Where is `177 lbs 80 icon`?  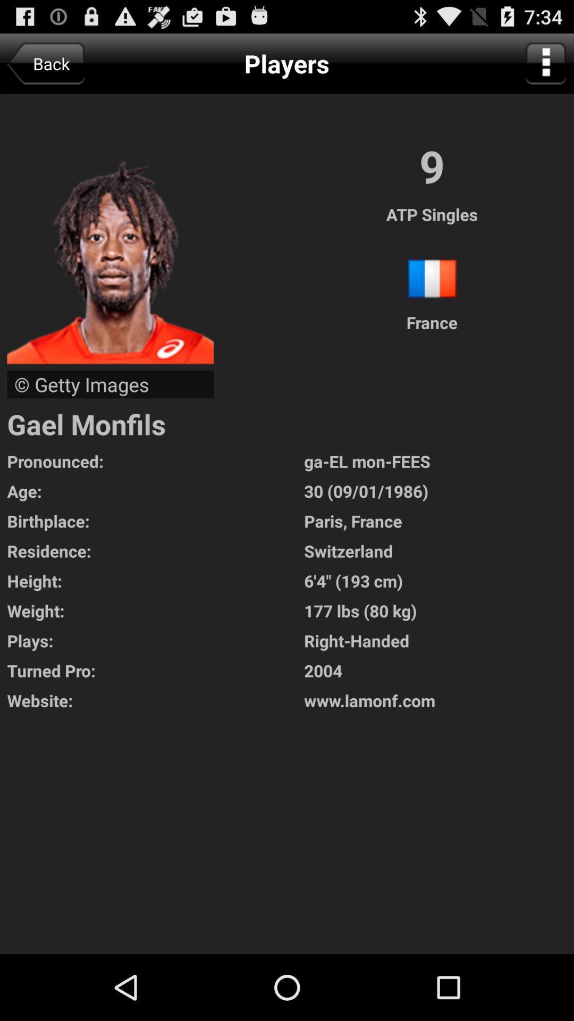 177 lbs 80 icon is located at coordinates (439, 610).